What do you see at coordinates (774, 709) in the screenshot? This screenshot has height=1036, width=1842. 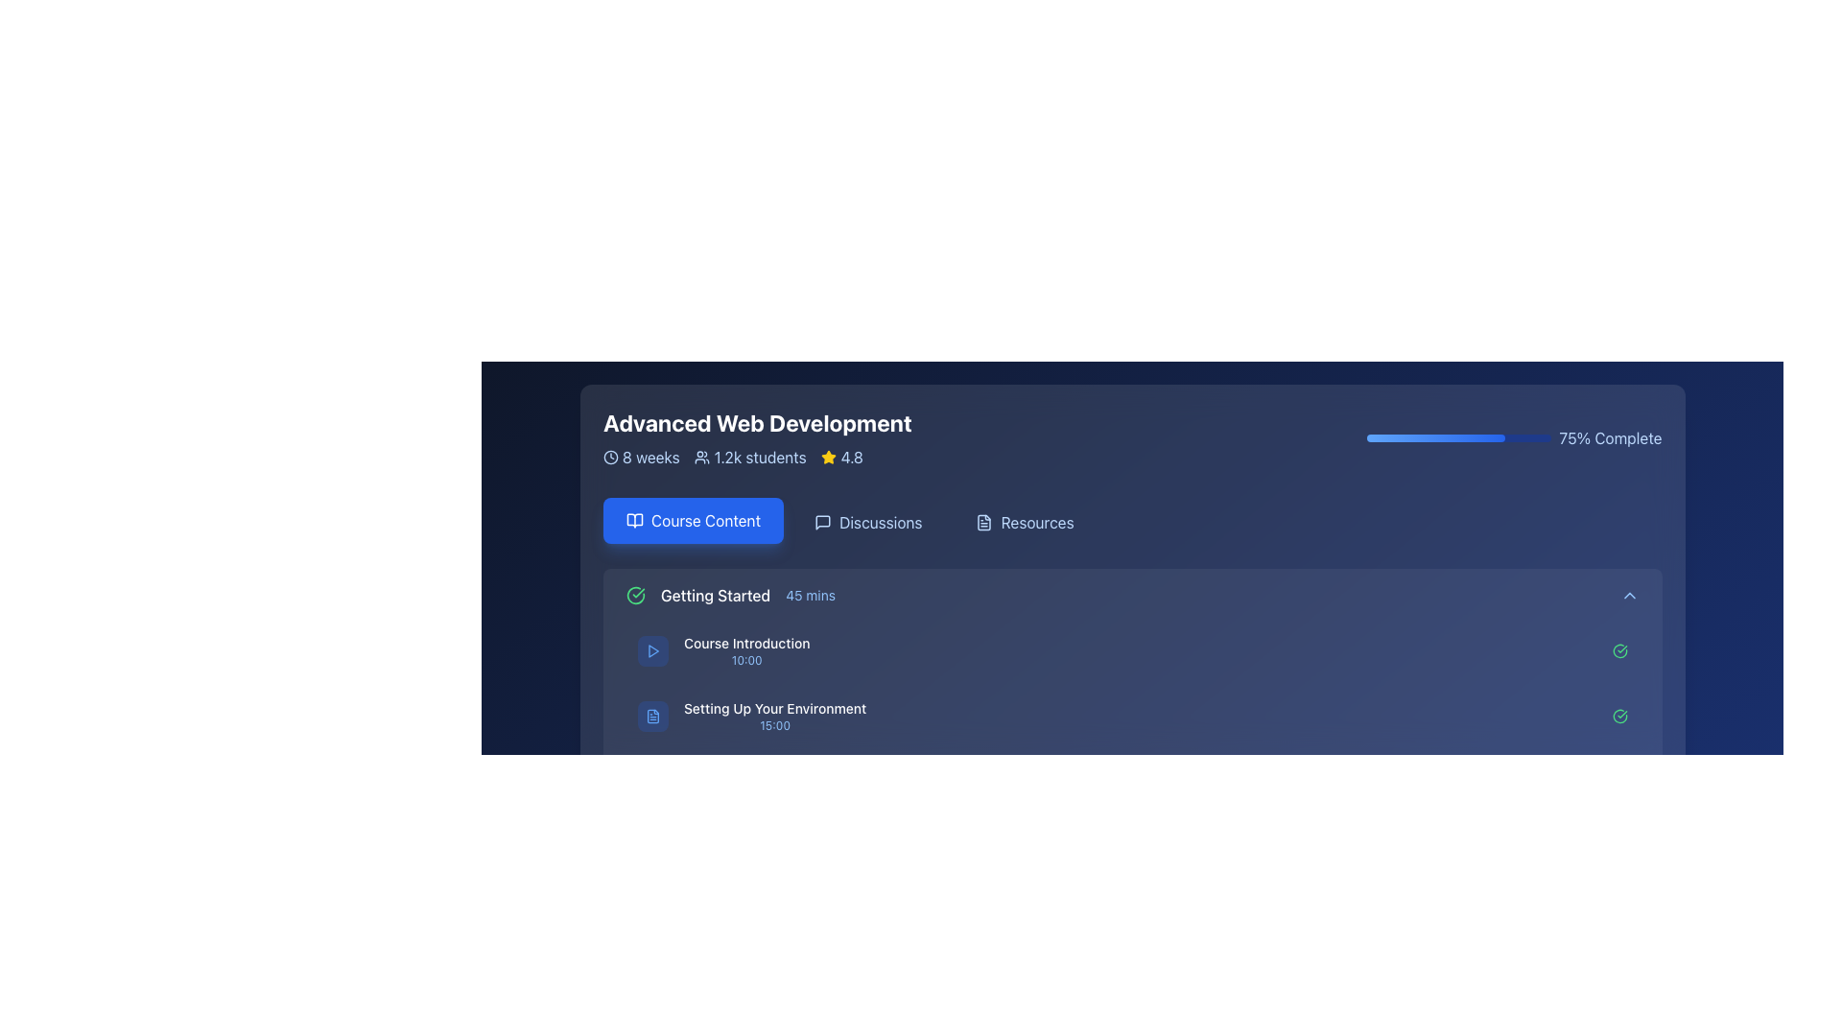 I see `the text label that indicates the course section or item title` at bounding box center [774, 709].